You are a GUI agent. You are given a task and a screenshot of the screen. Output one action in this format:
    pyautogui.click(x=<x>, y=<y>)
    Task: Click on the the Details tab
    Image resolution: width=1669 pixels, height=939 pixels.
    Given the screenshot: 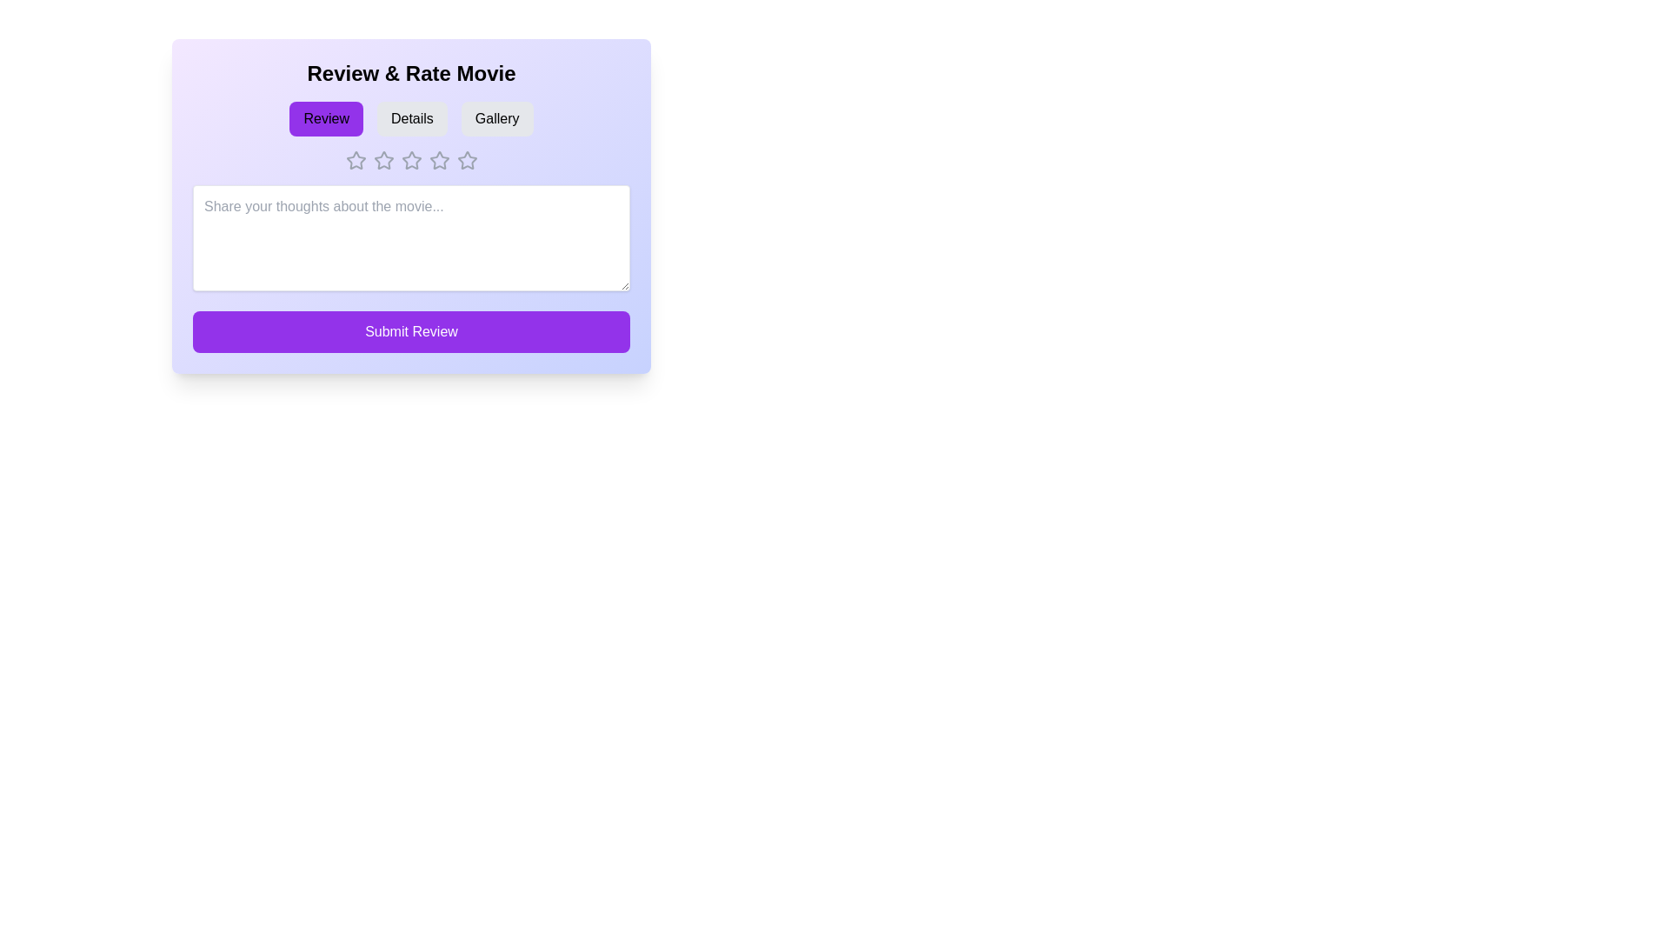 What is the action you would take?
    pyautogui.click(x=411, y=118)
    